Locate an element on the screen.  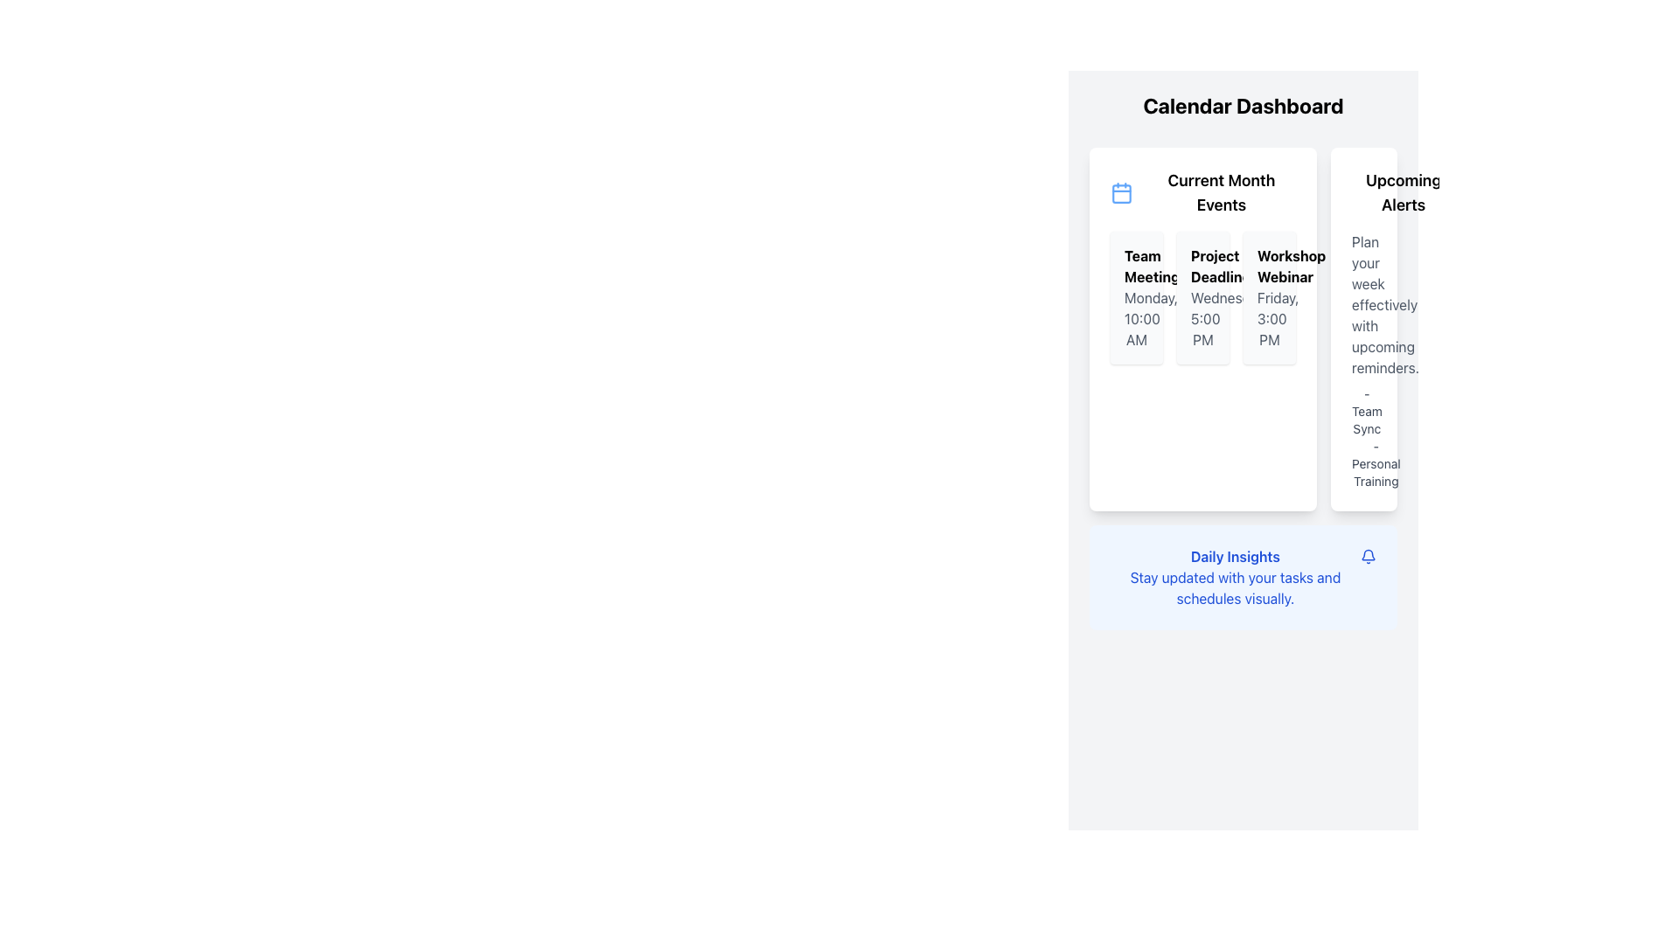
heading text 'Current Month Events' displayed prominently in bold font, located near the top-middle portion of the card-like section, immediately to the right of the calendar icon is located at coordinates (1220, 192).